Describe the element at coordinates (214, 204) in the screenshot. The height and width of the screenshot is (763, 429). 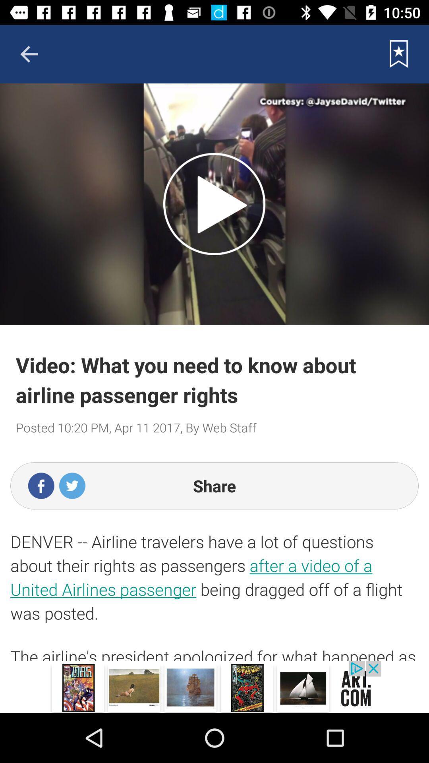
I see `video` at that location.